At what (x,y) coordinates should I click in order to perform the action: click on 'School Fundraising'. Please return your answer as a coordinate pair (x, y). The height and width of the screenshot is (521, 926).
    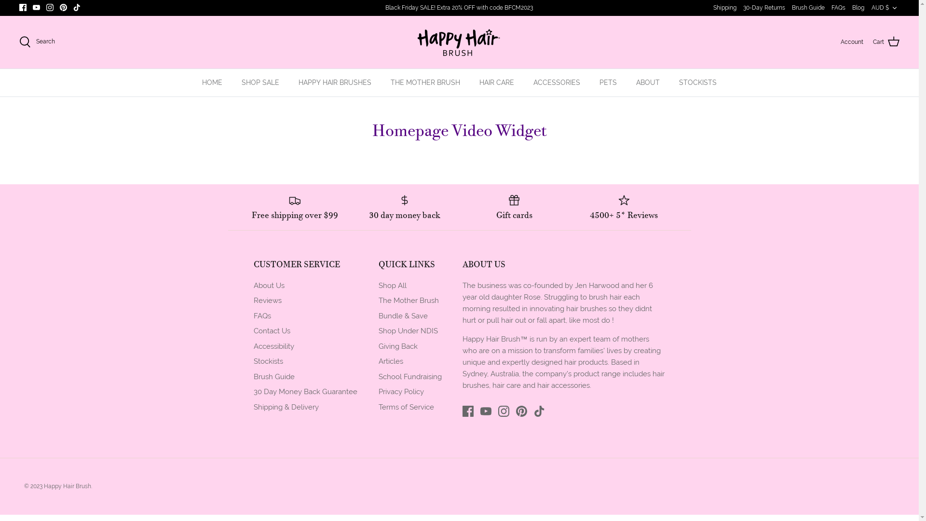
    Looking at the image, I should click on (377, 376).